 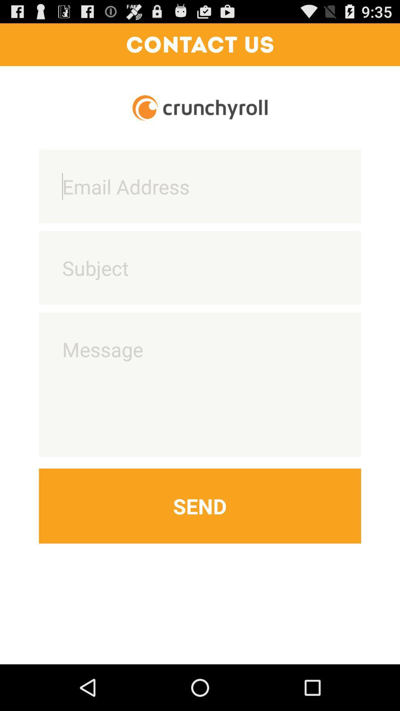 What do you see at coordinates (200, 384) in the screenshot?
I see `message entry field` at bounding box center [200, 384].